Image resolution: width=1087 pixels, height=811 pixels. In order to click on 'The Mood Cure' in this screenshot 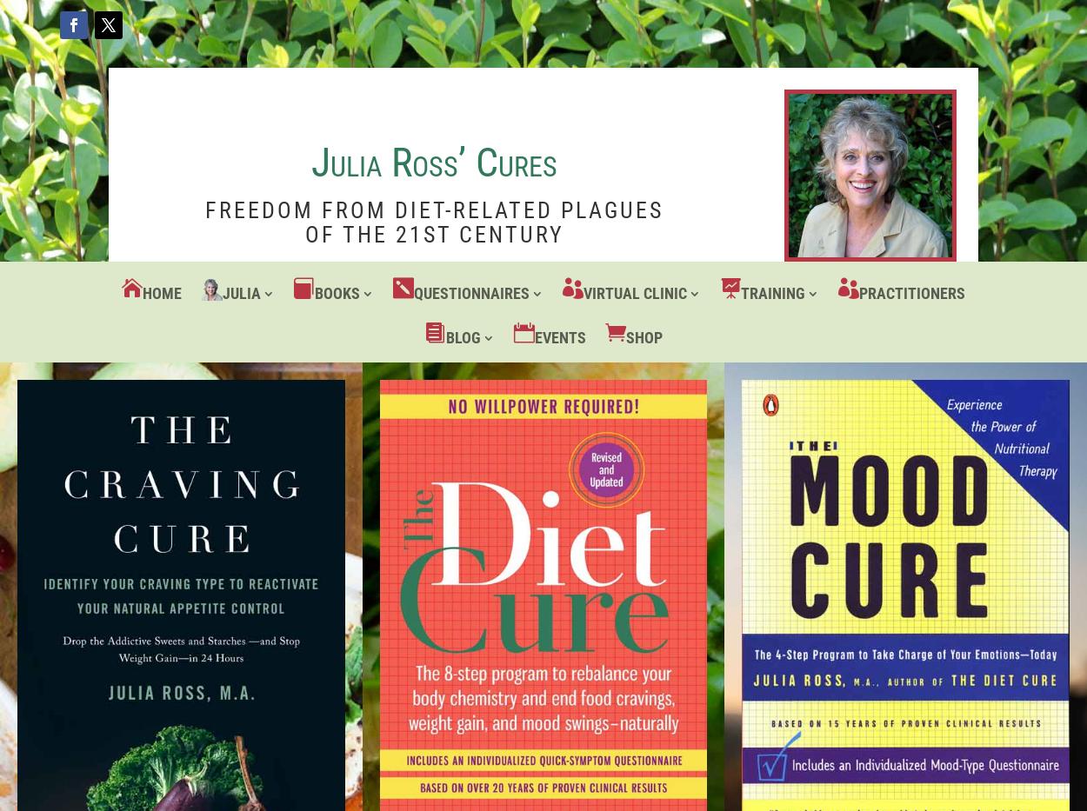, I will do `click(372, 442)`.